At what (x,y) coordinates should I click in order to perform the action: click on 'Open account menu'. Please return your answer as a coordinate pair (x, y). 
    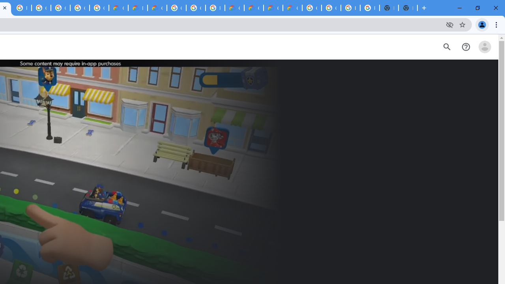
    Looking at the image, I should click on (484, 47).